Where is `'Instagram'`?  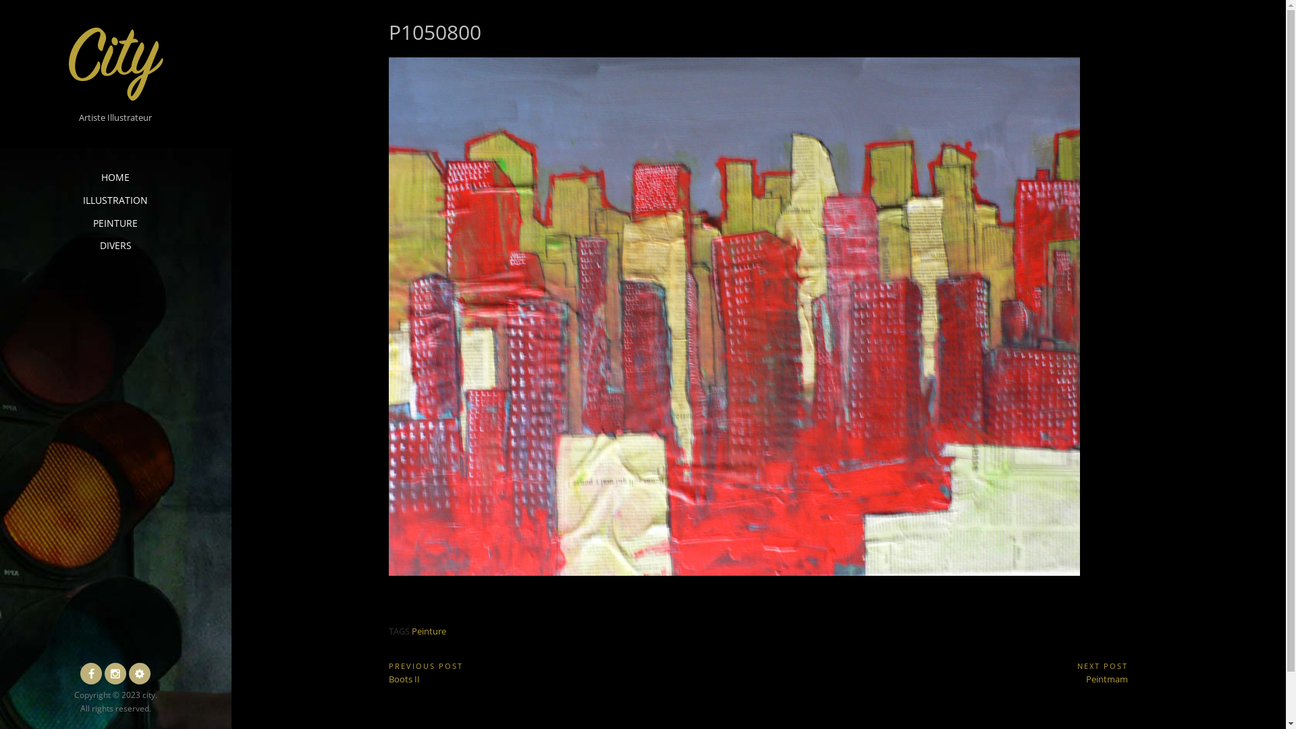
'Instagram' is located at coordinates (103, 674).